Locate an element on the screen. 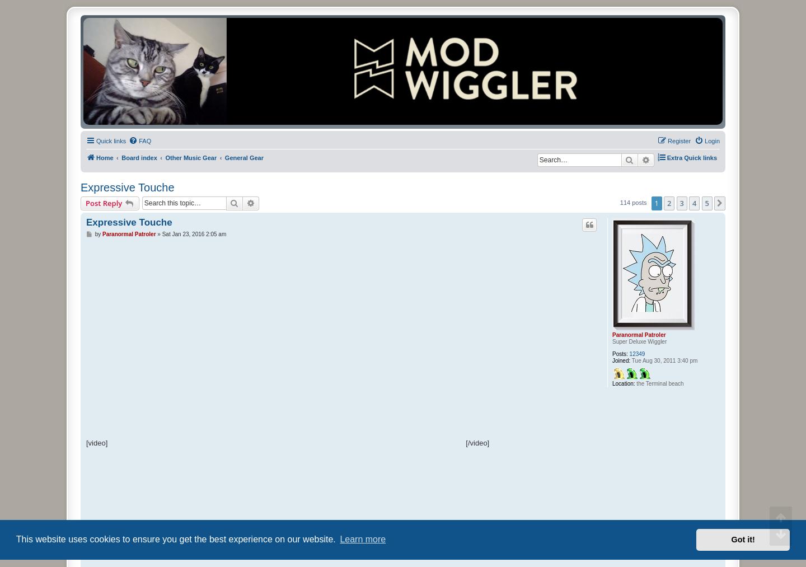  '[video]' is located at coordinates (96, 443).